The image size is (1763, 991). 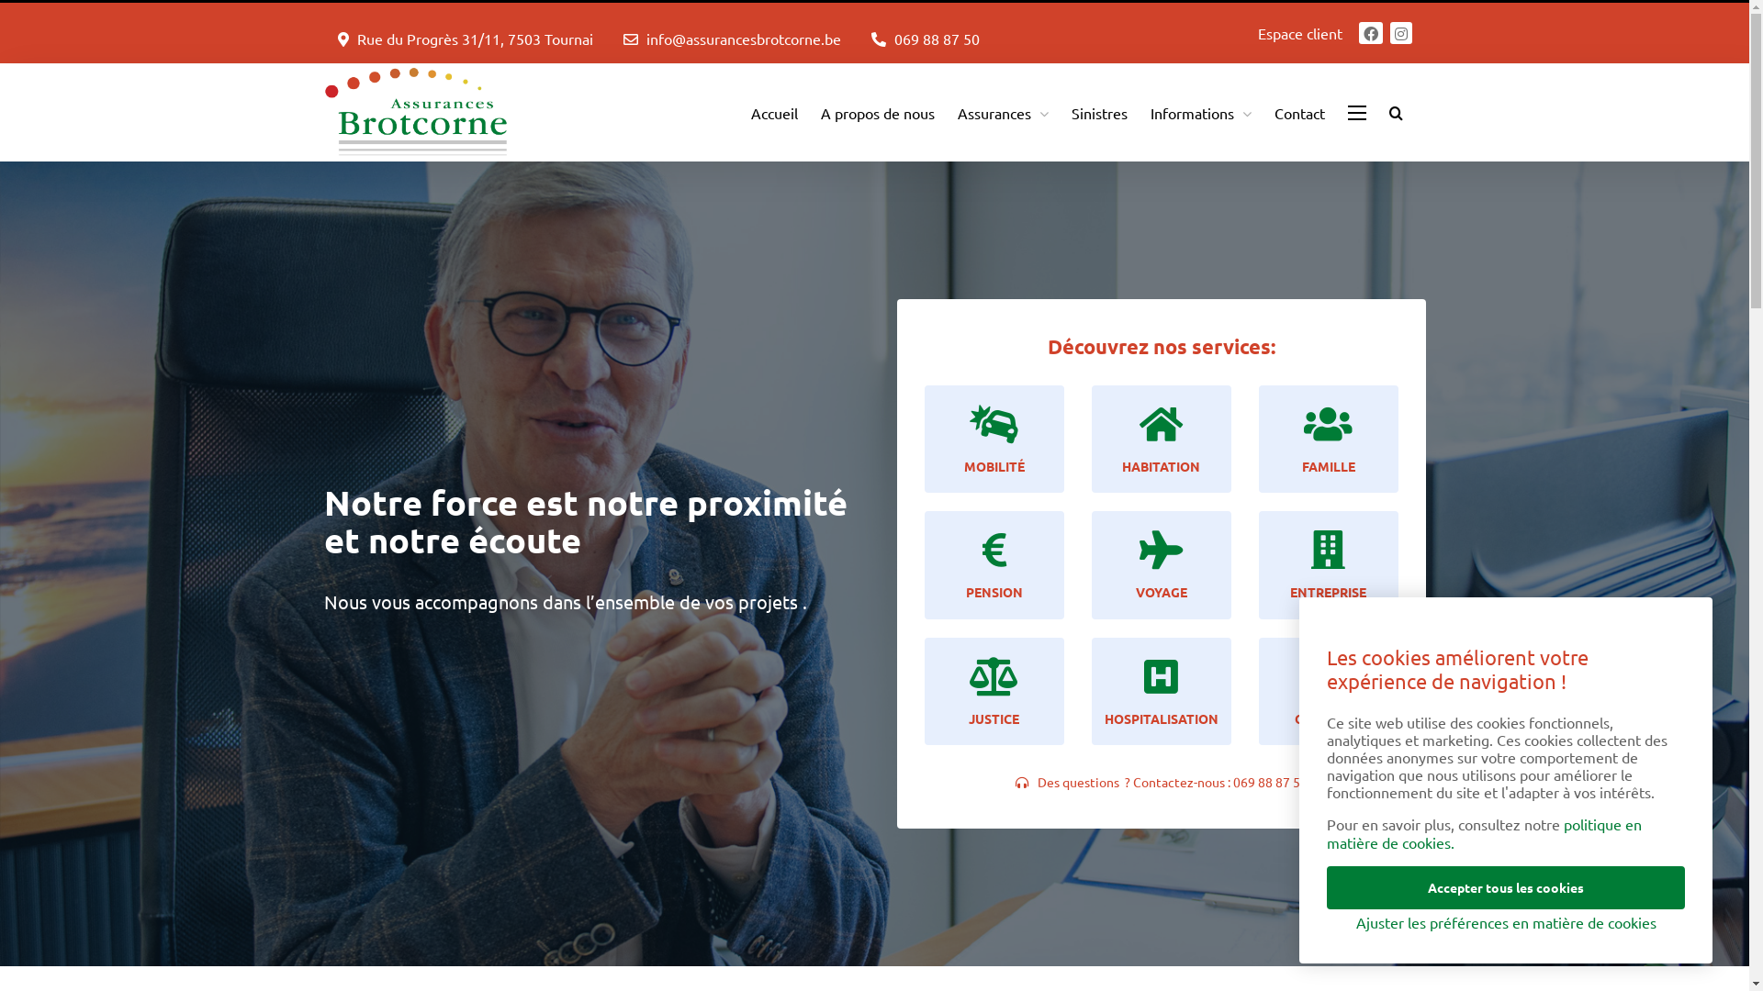 I want to click on 'Accepter tous les cookies', so click(x=1506, y=886).